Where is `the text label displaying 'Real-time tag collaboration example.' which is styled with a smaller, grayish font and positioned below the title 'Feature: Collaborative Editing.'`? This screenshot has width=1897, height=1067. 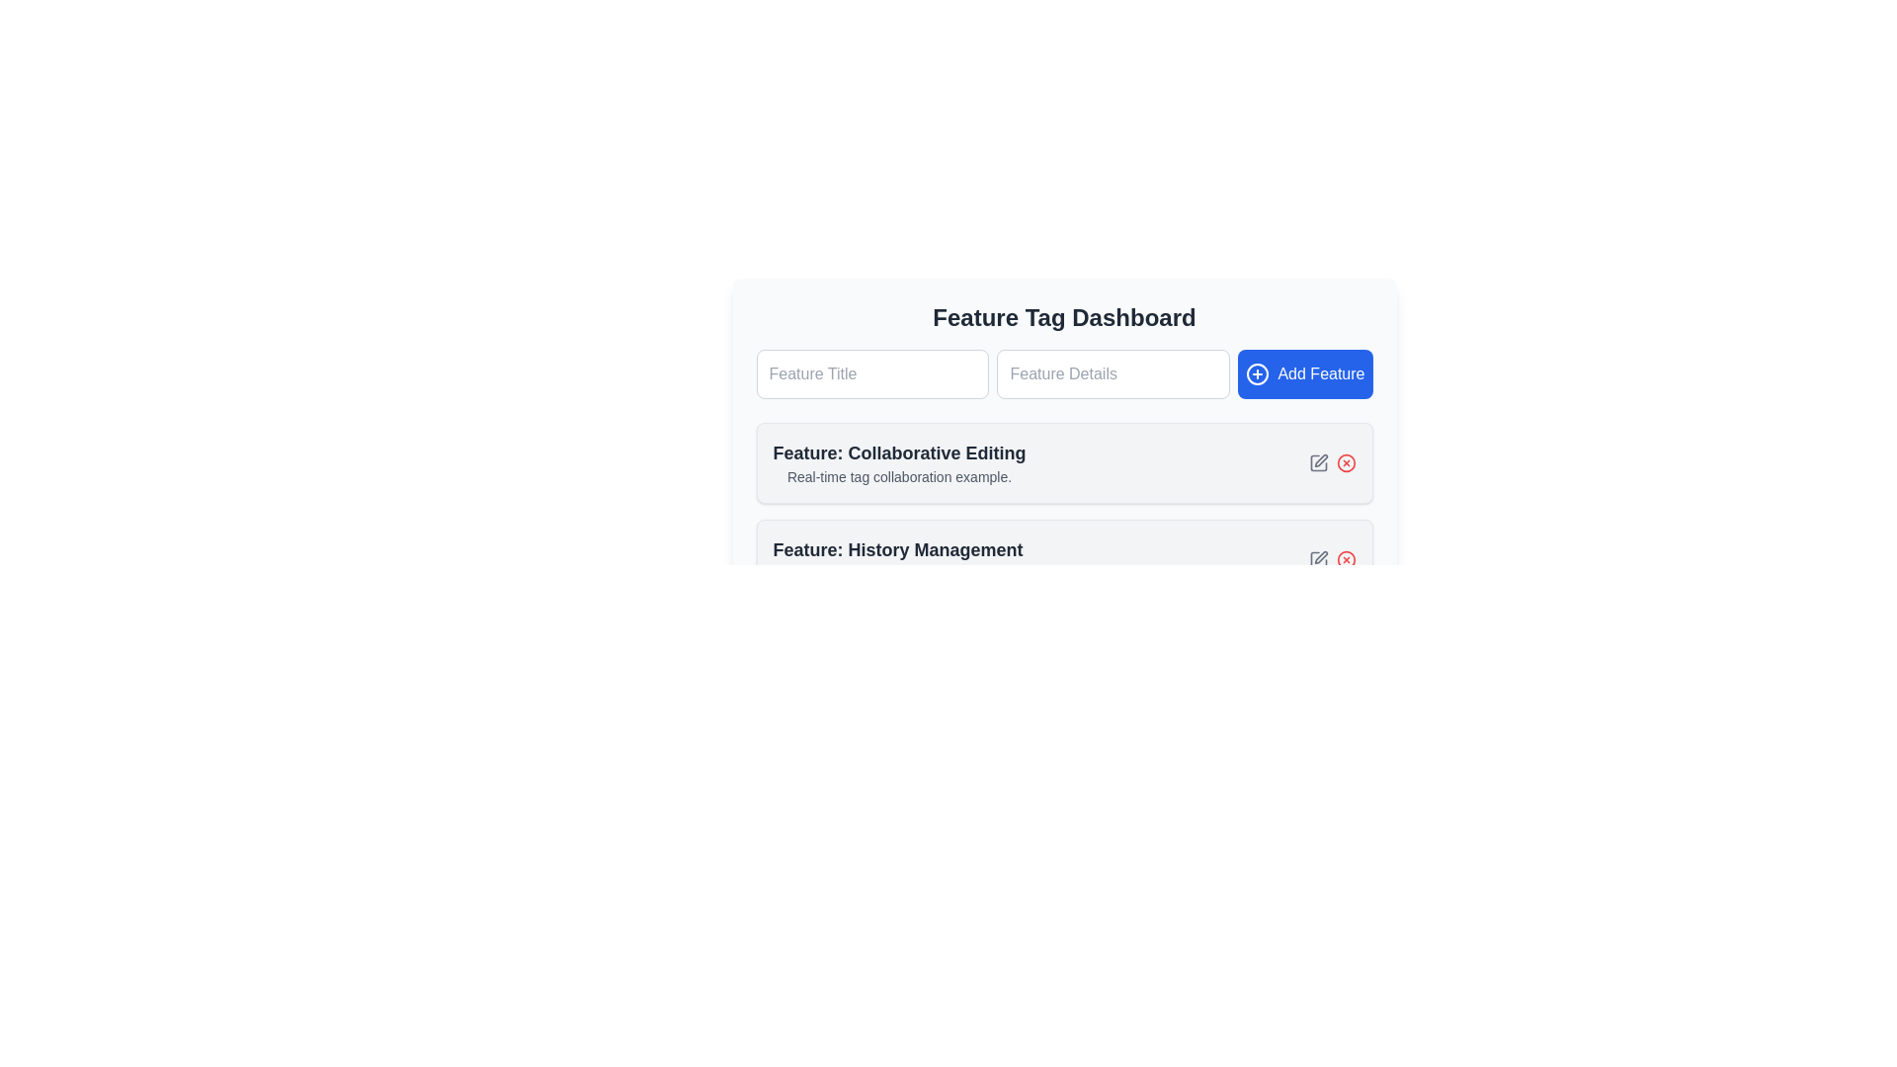 the text label displaying 'Real-time tag collaboration example.' which is styled with a smaller, grayish font and positioned below the title 'Feature: Collaborative Editing.' is located at coordinates (898, 476).